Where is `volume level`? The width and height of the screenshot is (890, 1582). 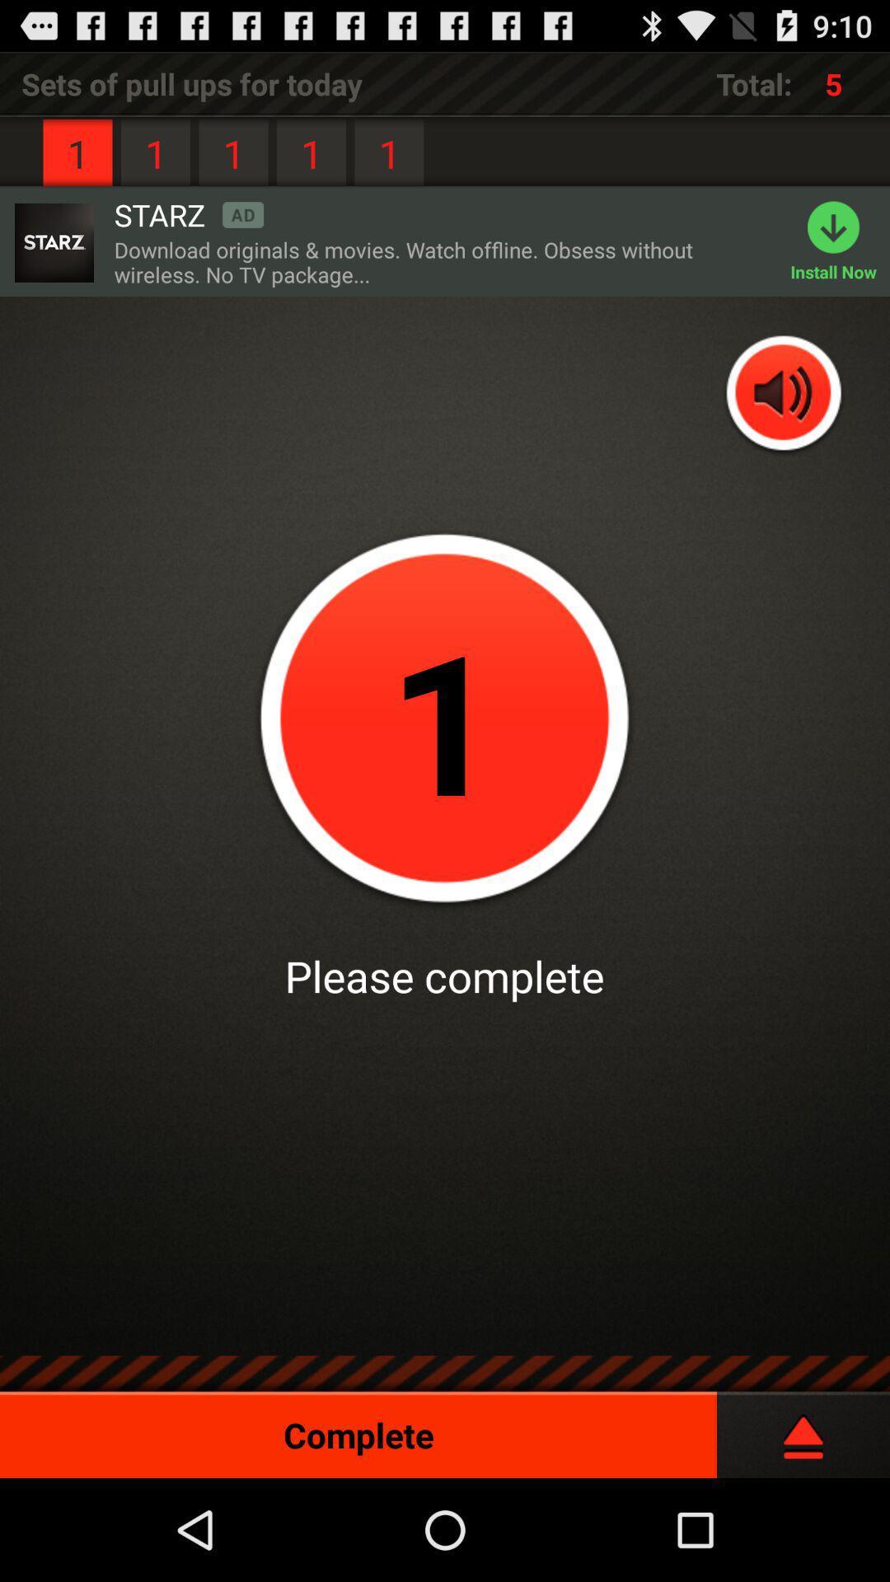 volume level is located at coordinates (784, 394).